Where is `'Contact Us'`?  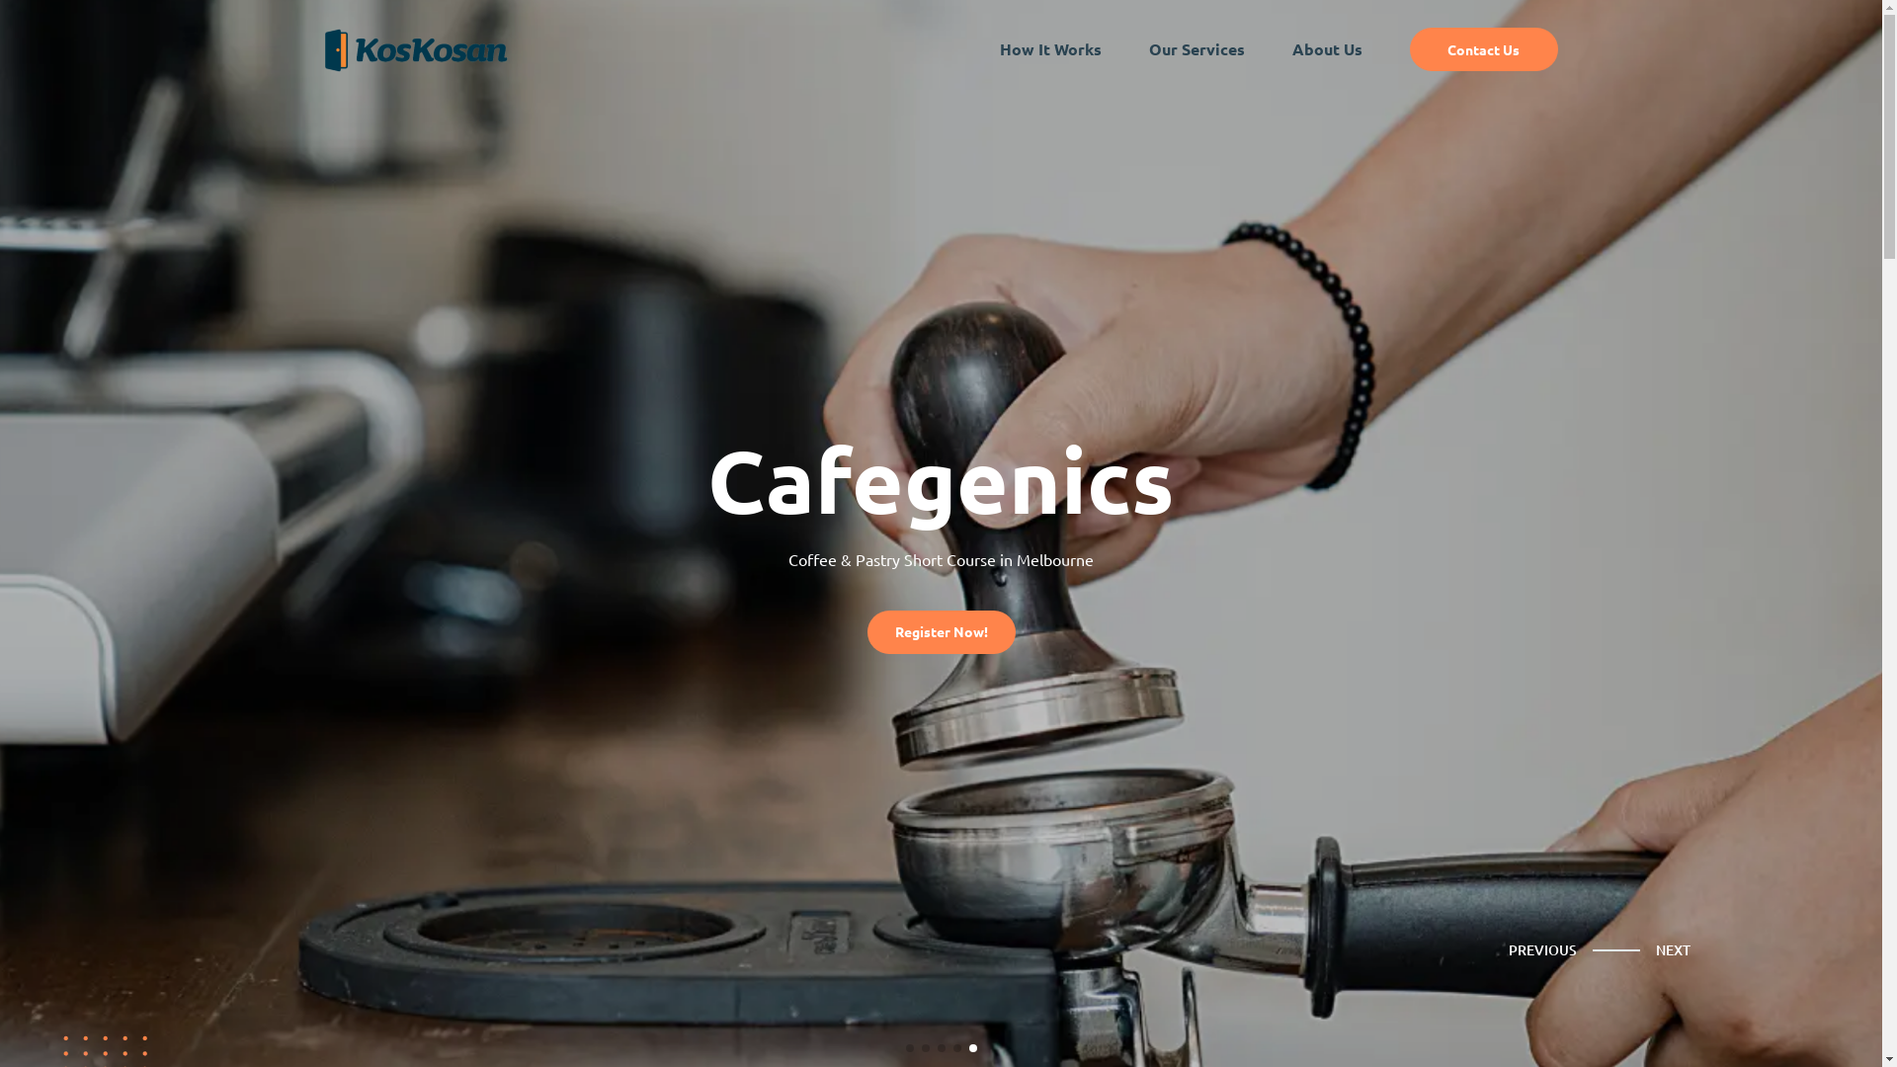
'Contact Us' is located at coordinates (1483, 48).